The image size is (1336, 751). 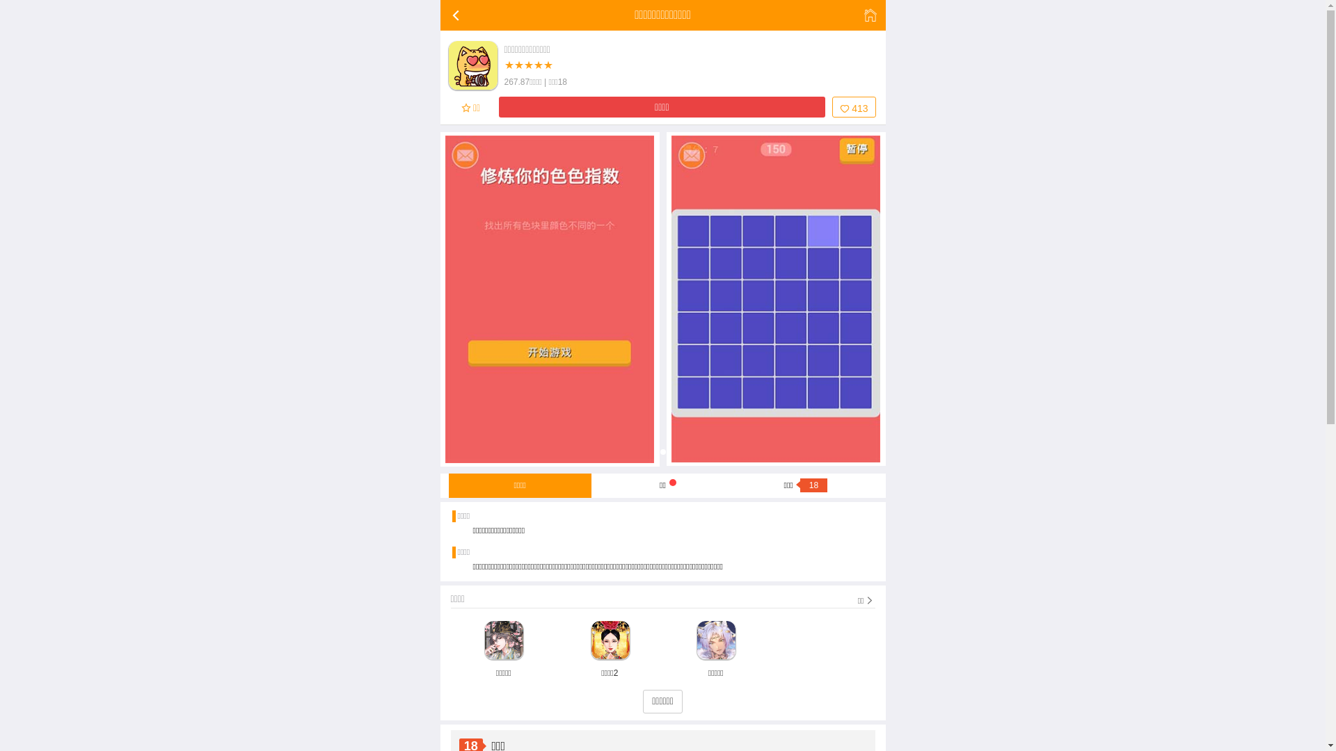 What do you see at coordinates (853, 106) in the screenshot?
I see `'413'` at bounding box center [853, 106].